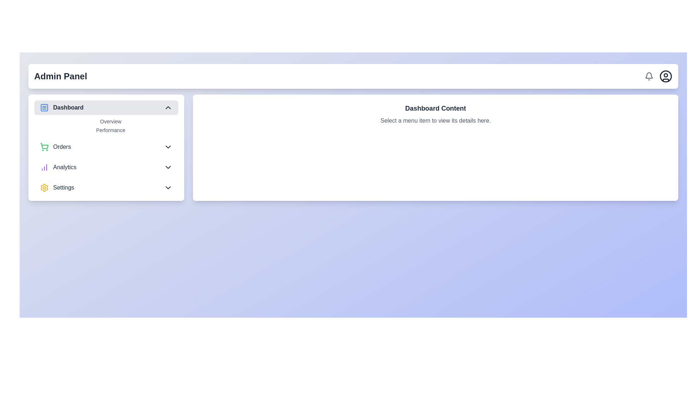 Image resolution: width=699 pixels, height=393 pixels. What do you see at coordinates (64, 167) in the screenshot?
I see `the navigational text label indicating the analytics section, which is located third from the top` at bounding box center [64, 167].